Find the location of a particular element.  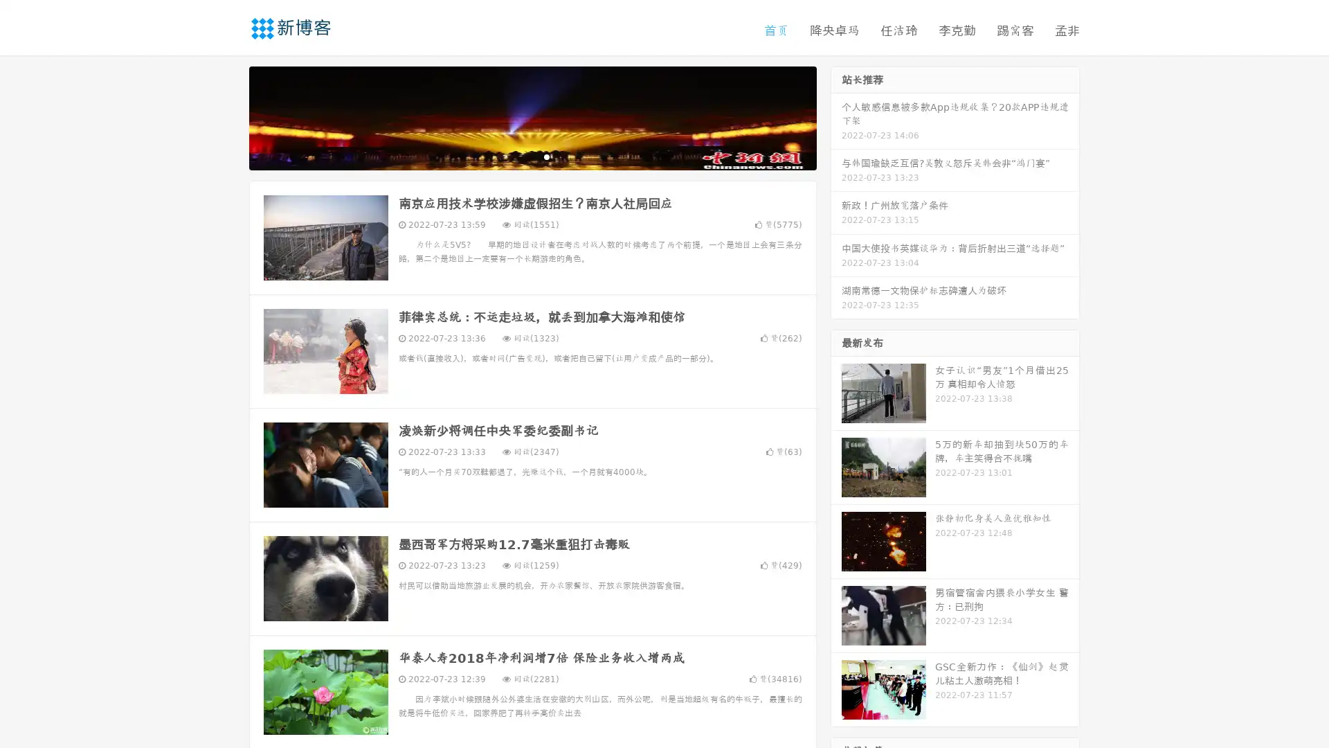

Next slide is located at coordinates (836, 116).